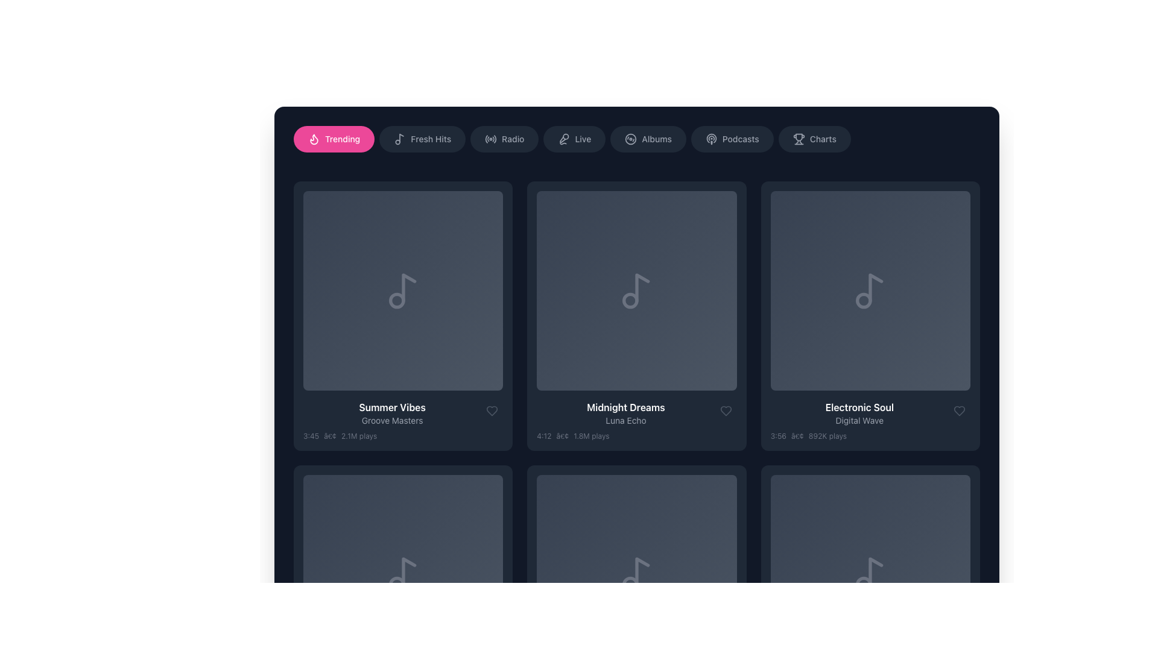 The width and height of the screenshot is (1158, 651). I want to click on the Interactive Card labeled 'Summer Vibes' which is the first card in the top-left corner of the grid layout, so click(403, 315).